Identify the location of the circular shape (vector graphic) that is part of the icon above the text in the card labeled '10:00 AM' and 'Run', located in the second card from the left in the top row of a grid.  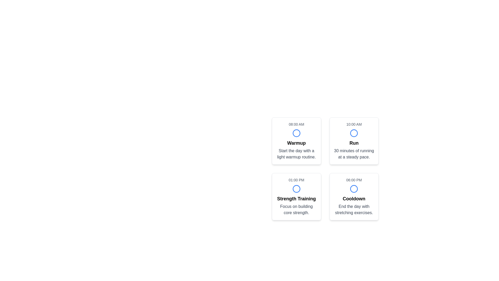
(354, 133).